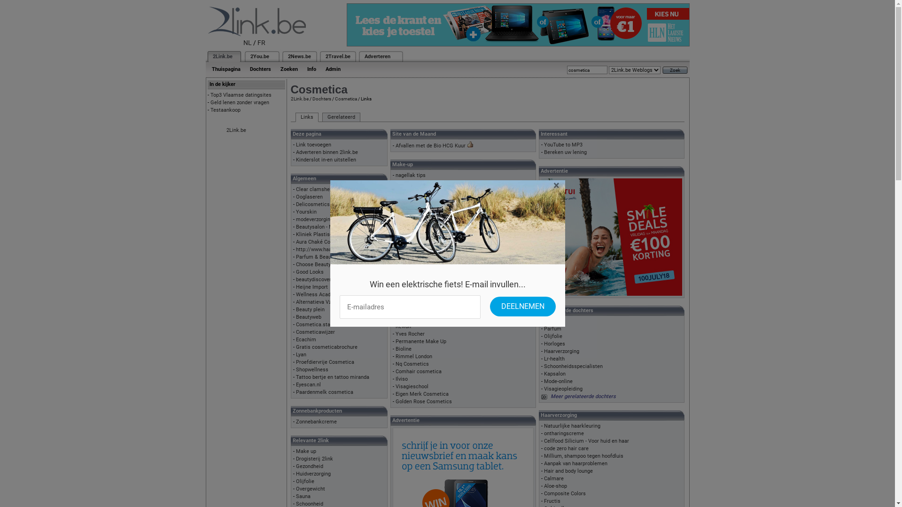 The width and height of the screenshot is (902, 507). What do you see at coordinates (260, 69) in the screenshot?
I see `'Dochters'` at bounding box center [260, 69].